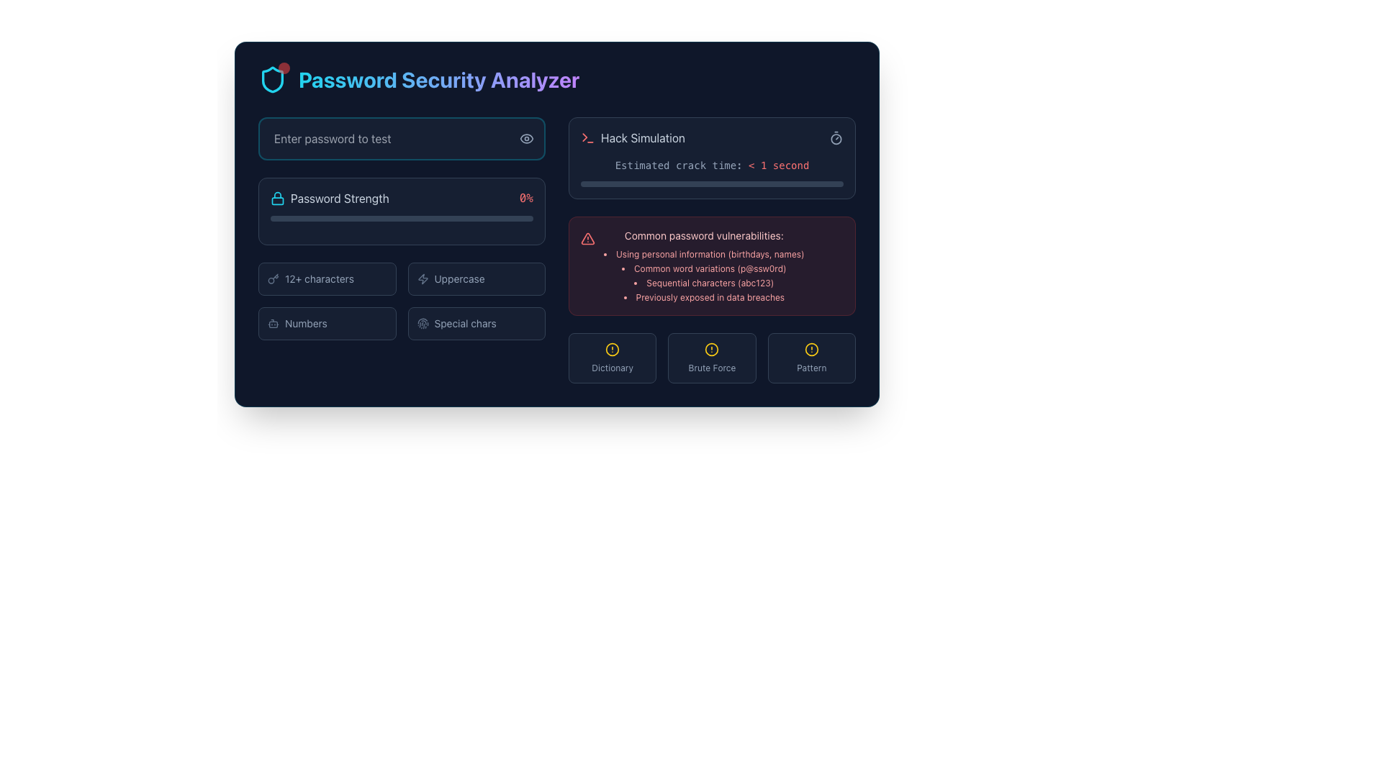 The height and width of the screenshot is (777, 1382). Describe the element at coordinates (811, 368) in the screenshot. I see `the text label displaying 'Pattern' in a small grayish slate font, located at the bottom right of the interface below a red-bordered box and a yellow circular icon` at that location.